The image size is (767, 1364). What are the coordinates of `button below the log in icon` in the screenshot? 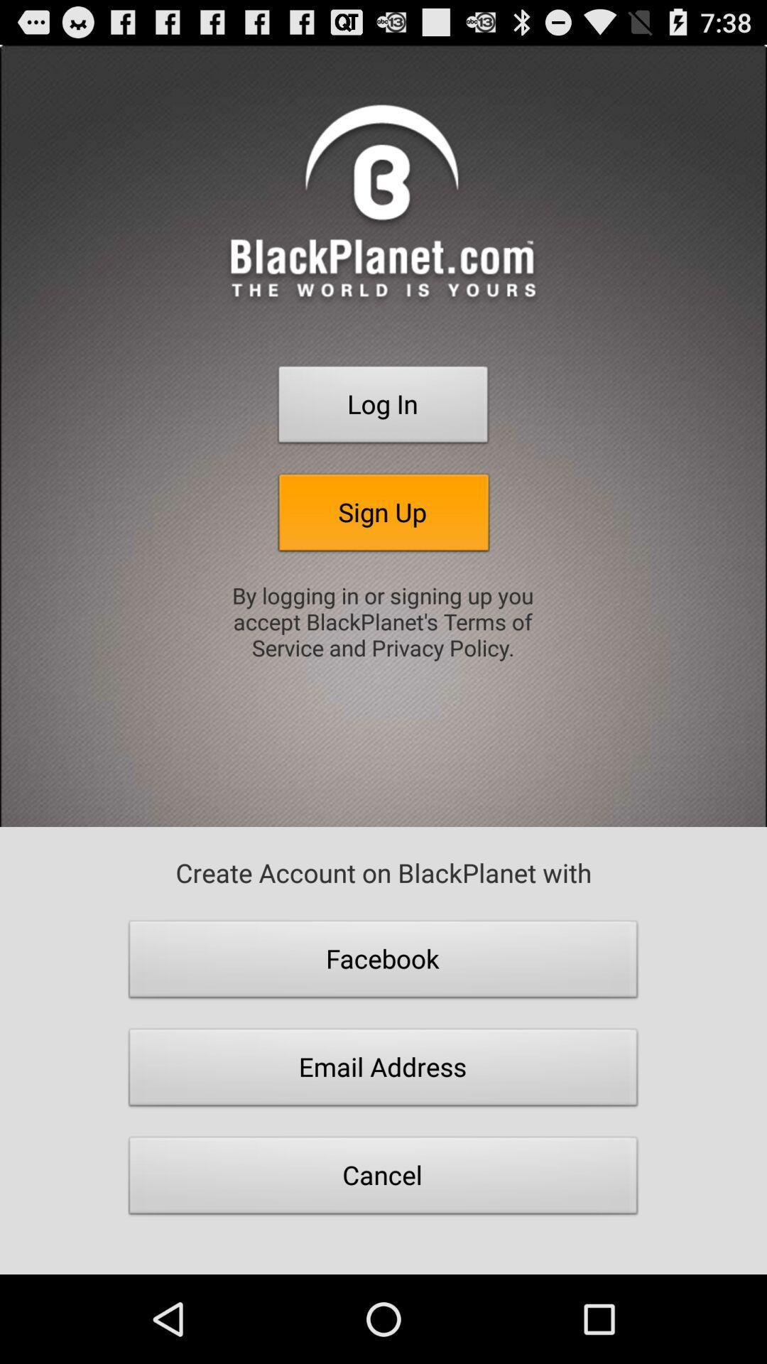 It's located at (383, 516).